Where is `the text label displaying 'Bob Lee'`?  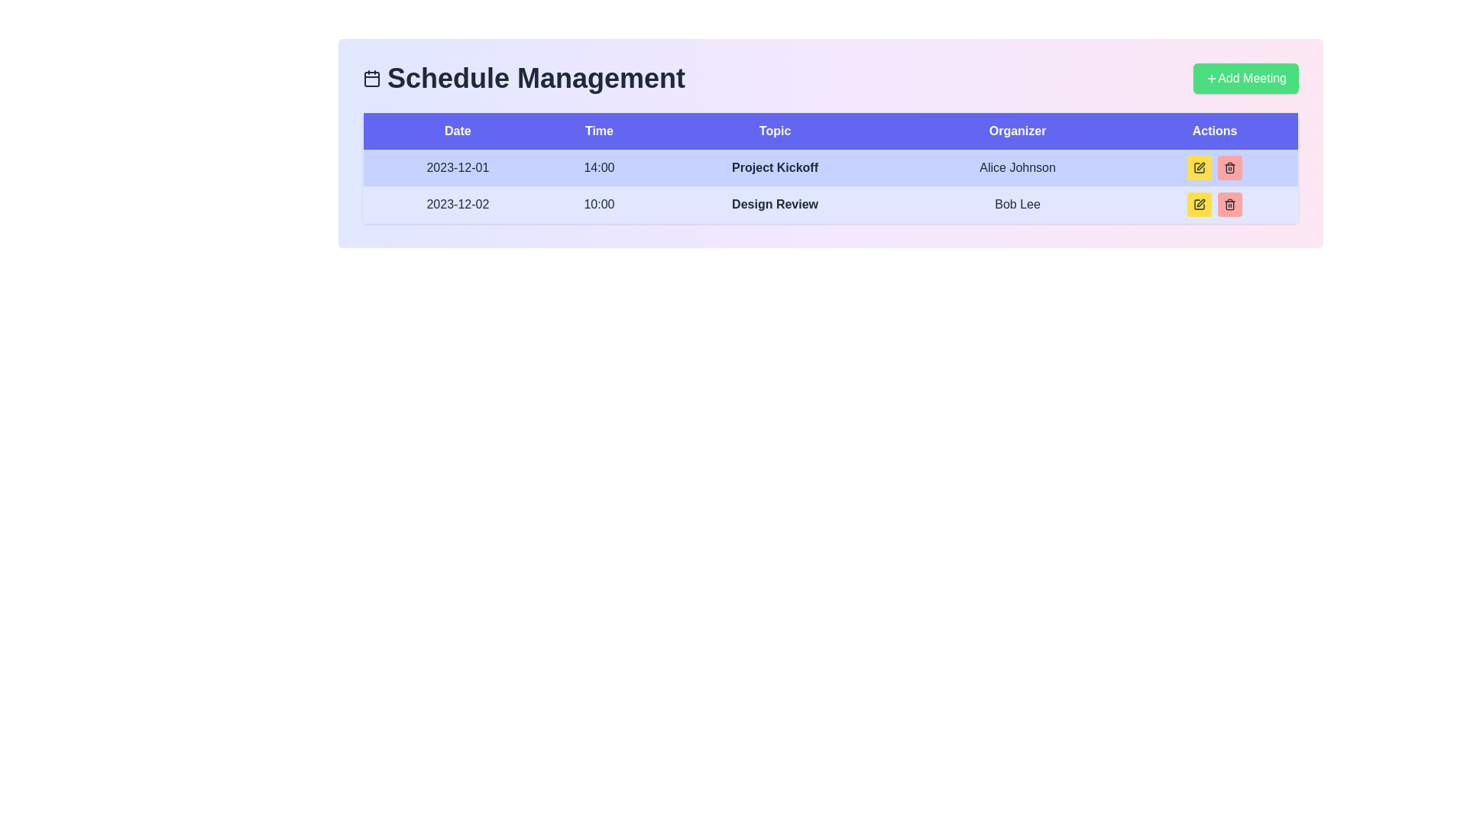
the text label displaying 'Bob Lee' is located at coordinates (1018, 204).